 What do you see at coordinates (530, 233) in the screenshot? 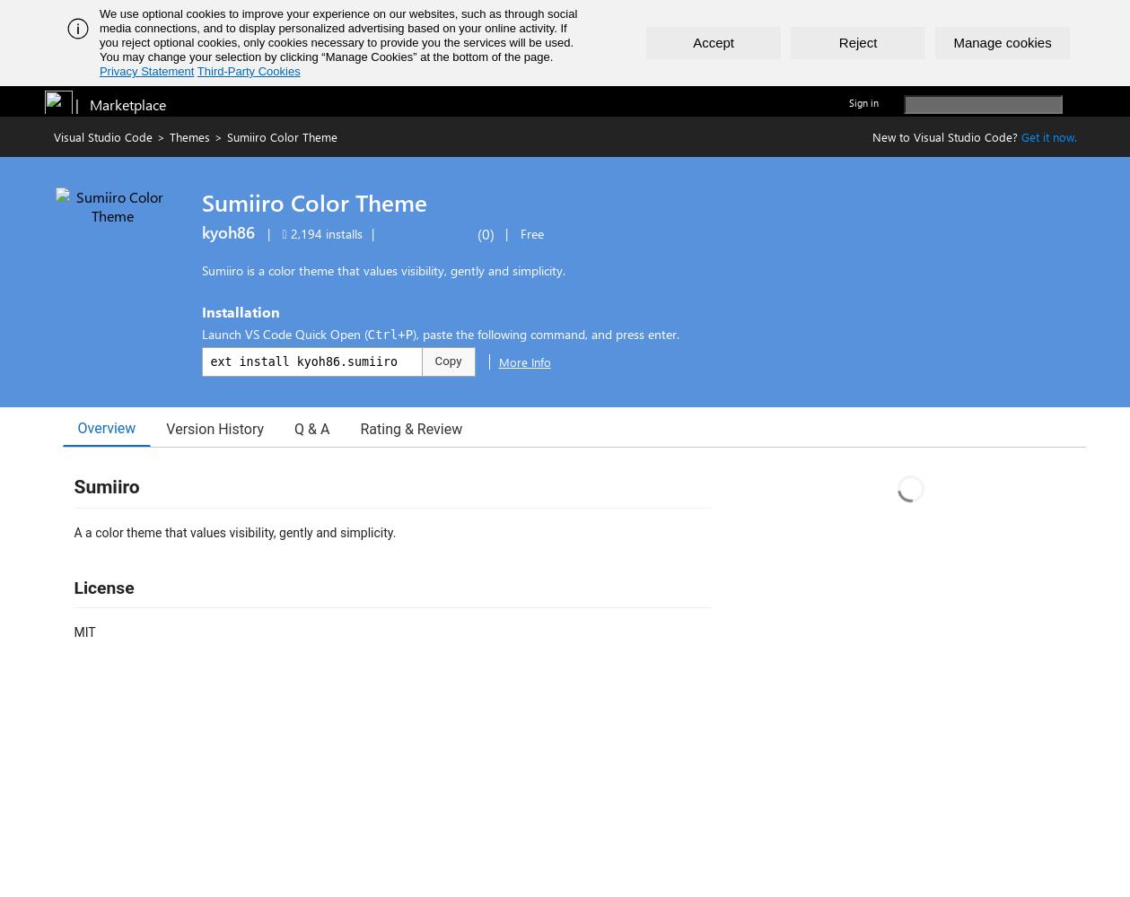
I see `'Free'` at bounding box center [530, 233].